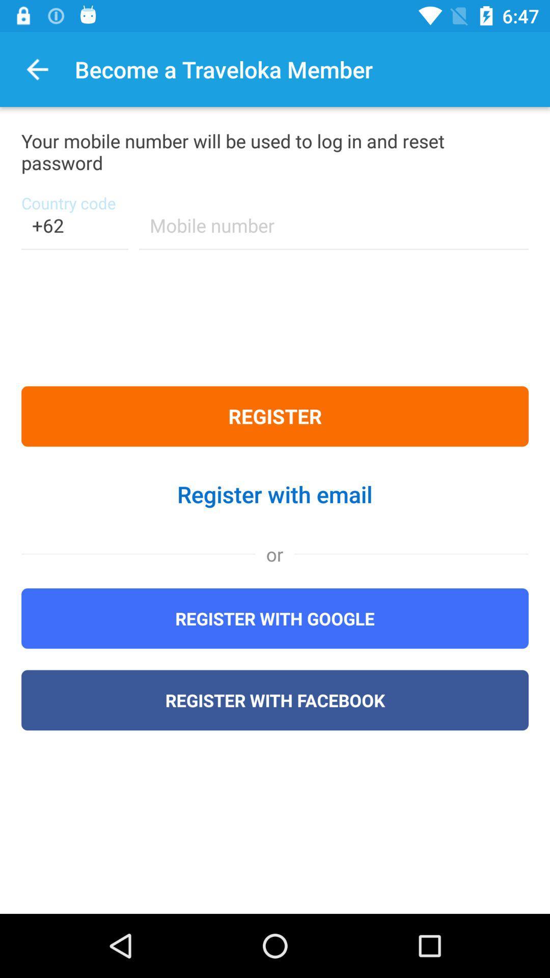 Image resolution: width=550 pixels, height=978 pixels. What do you see at coordinates (37, 69) in the screenshot?
I see `the item next to the become a traveloka item` at bounding box center [37, 69].